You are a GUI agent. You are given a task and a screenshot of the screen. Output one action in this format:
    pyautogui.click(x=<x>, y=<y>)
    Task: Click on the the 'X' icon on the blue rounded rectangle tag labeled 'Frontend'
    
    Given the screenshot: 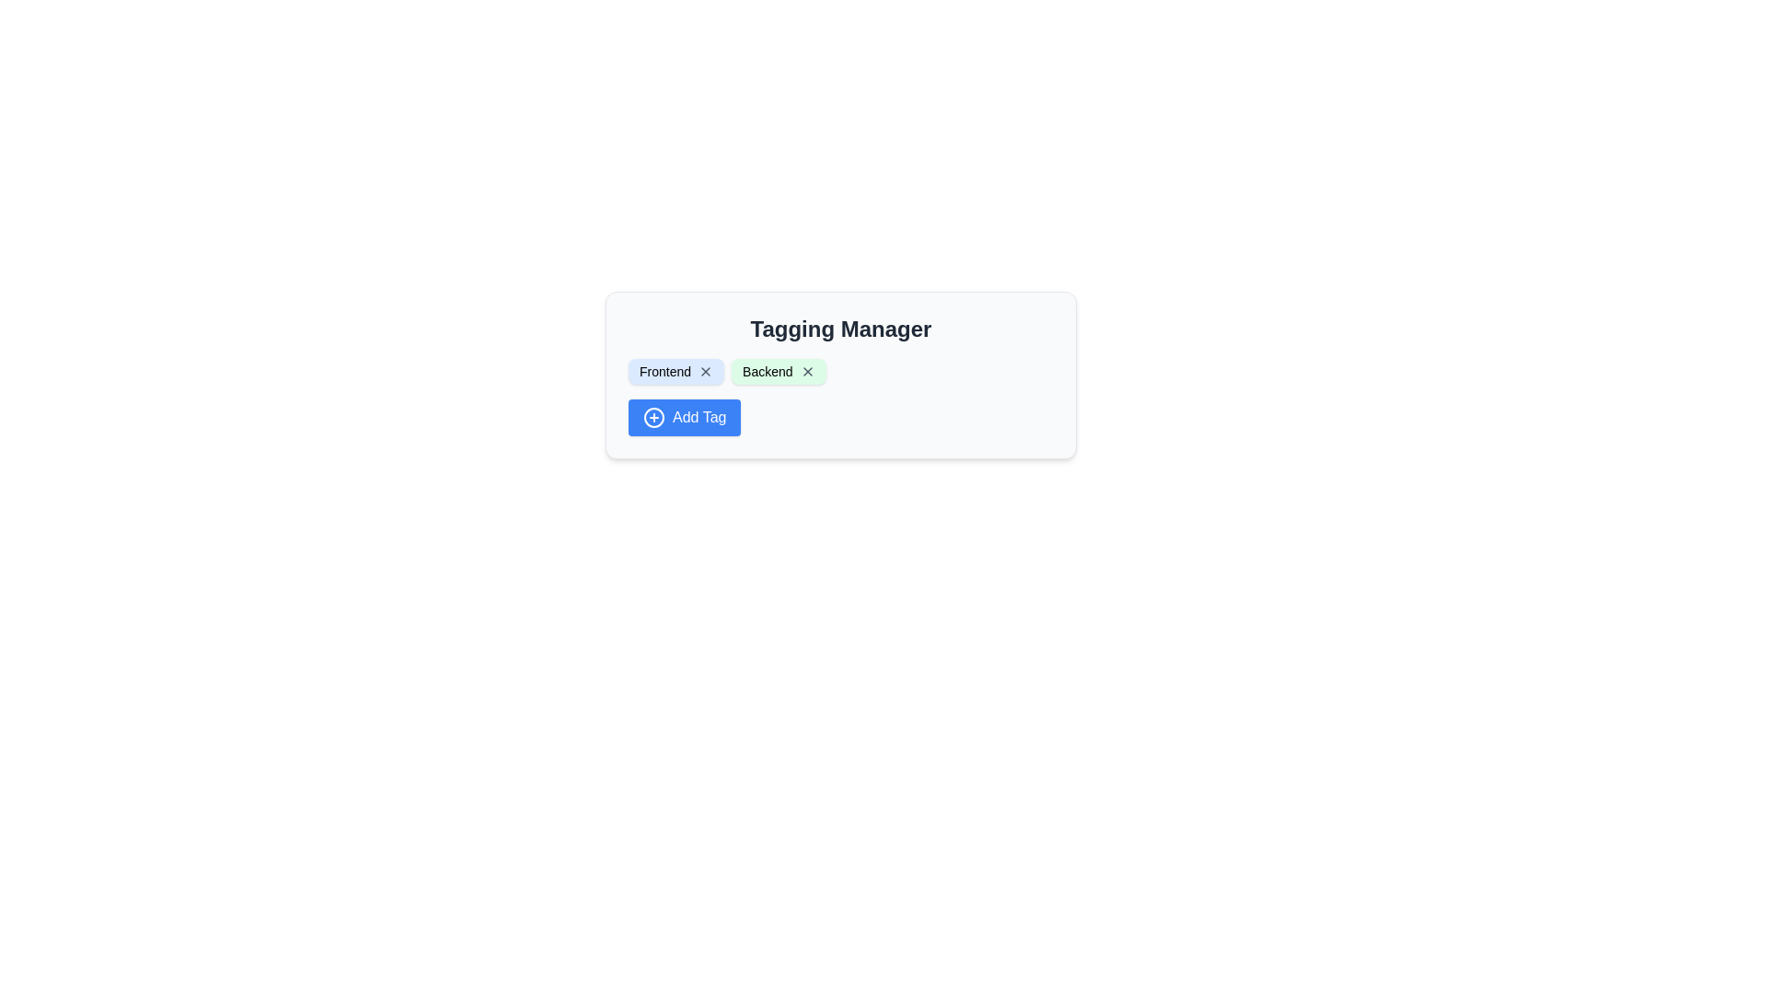 What is the action you would take?
    pyautogui.click(x=675, y=372)
    